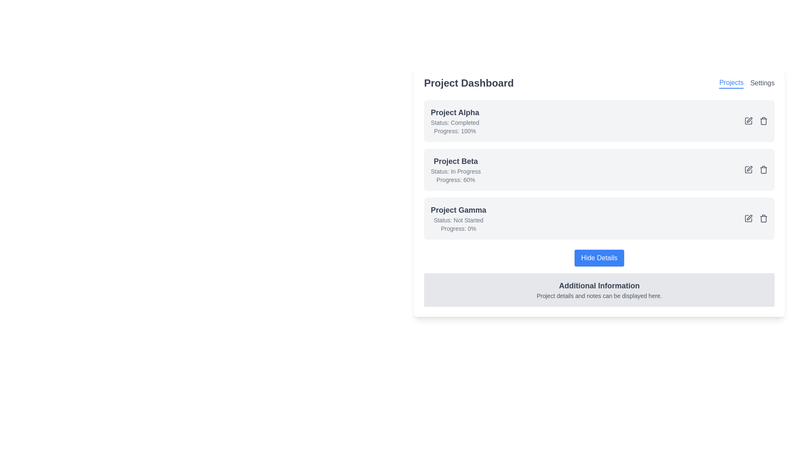 This screenshot has height=454, width=807. Describe the element at coordinates (599, 203) in the screenshot. I see `the informational panel for 'Project Gamma'` at that location.